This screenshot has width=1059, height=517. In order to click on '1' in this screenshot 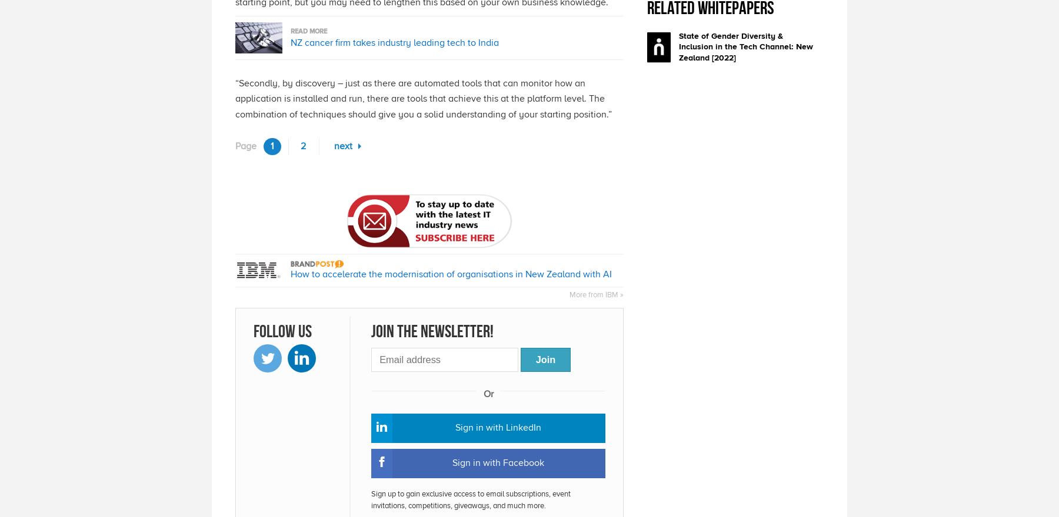, I will do `click(271, 145)`.